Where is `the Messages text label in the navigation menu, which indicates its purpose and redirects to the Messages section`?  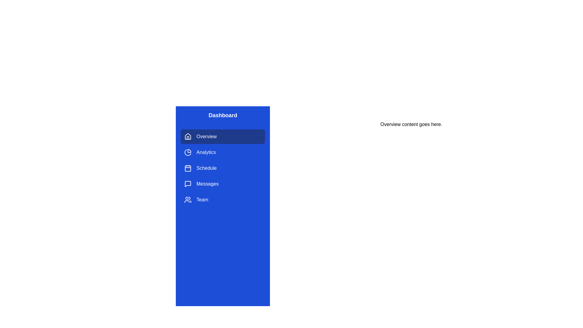
the Messages text label in the navigation menu, which indicates its purpose and redirects to the Messages section is located at coordinates (207, 183).